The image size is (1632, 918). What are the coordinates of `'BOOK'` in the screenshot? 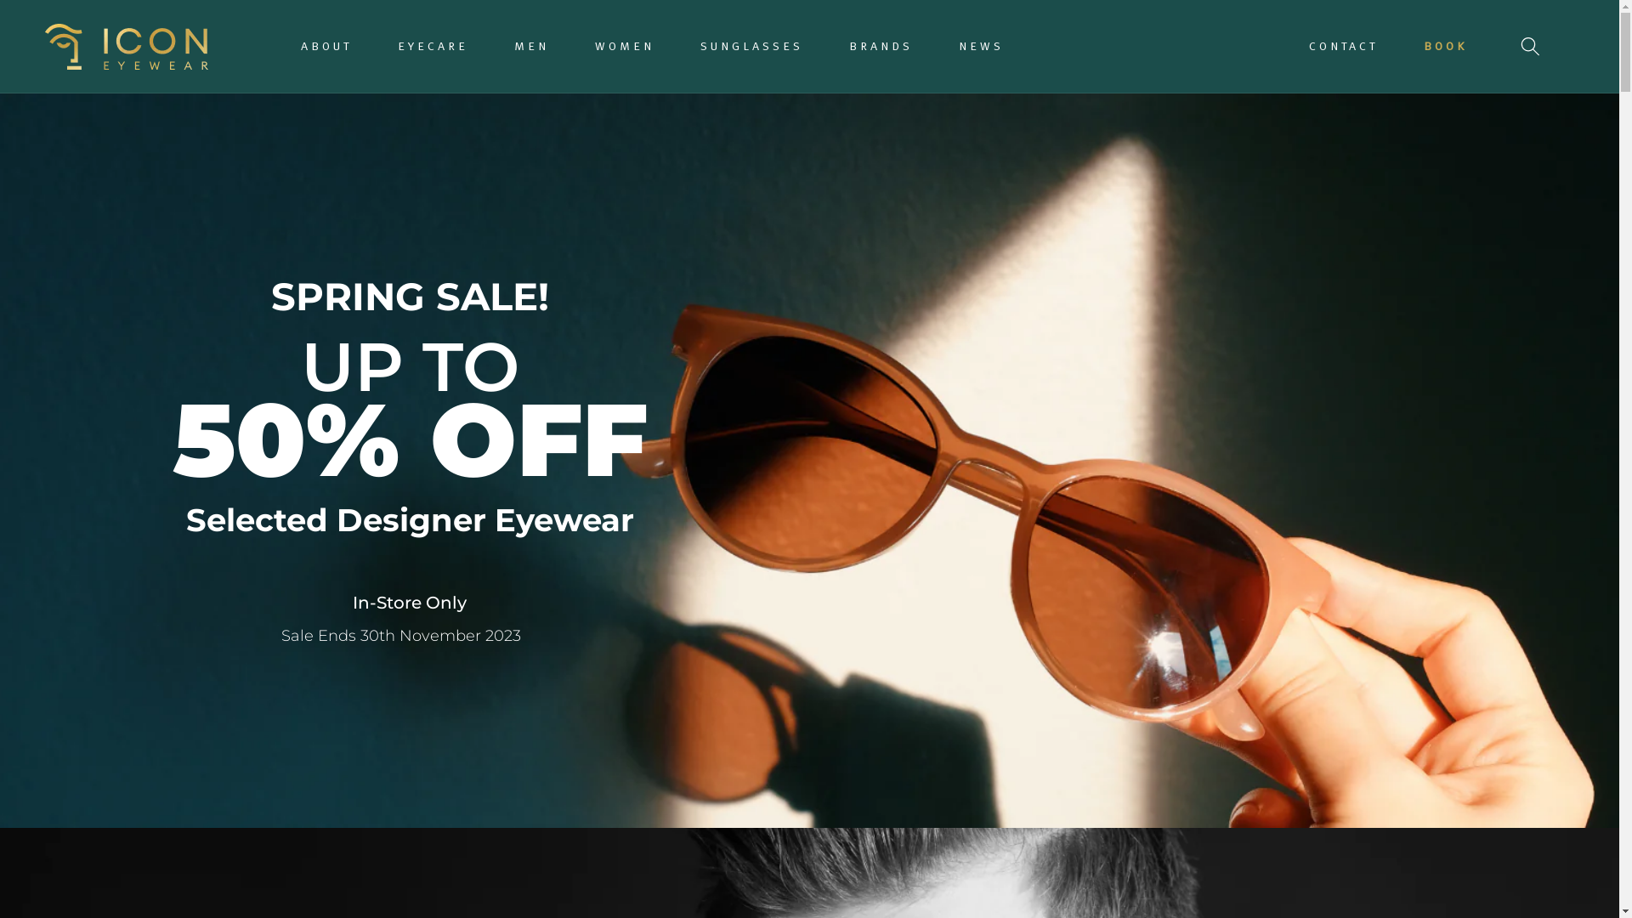 It's located at (1444, 45).